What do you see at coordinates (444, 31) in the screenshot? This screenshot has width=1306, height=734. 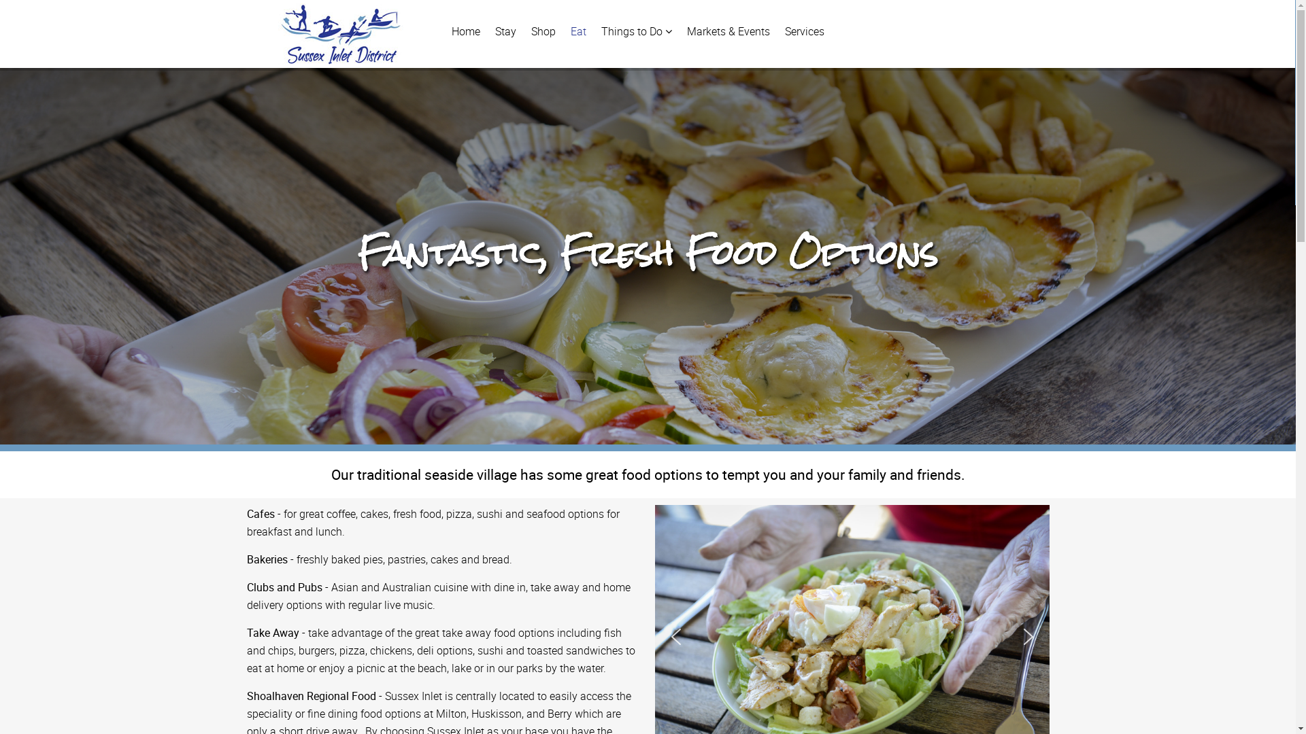 I see `'Home'` at bounding box center [444, 31].